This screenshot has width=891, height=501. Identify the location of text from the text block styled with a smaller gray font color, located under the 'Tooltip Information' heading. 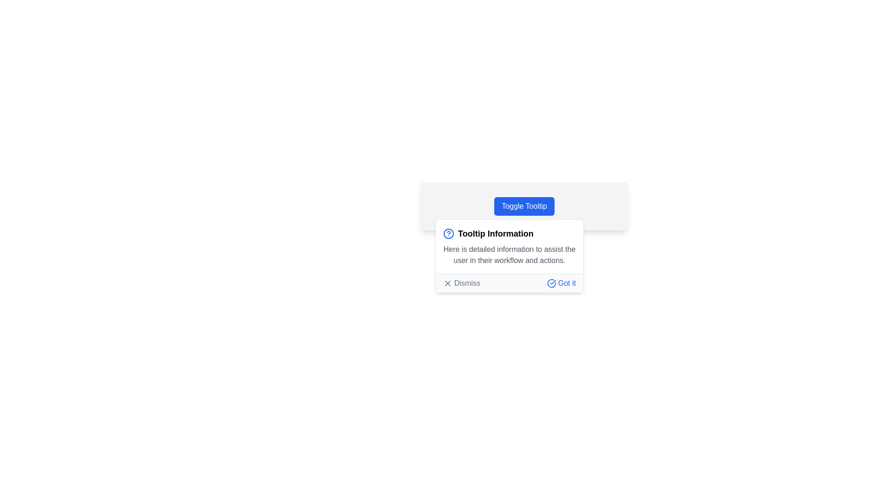
(509, 255).